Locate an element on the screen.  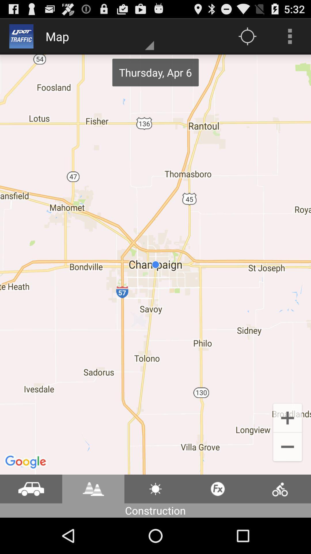
the icon which just above the construction is located at coordinates (155, 489).